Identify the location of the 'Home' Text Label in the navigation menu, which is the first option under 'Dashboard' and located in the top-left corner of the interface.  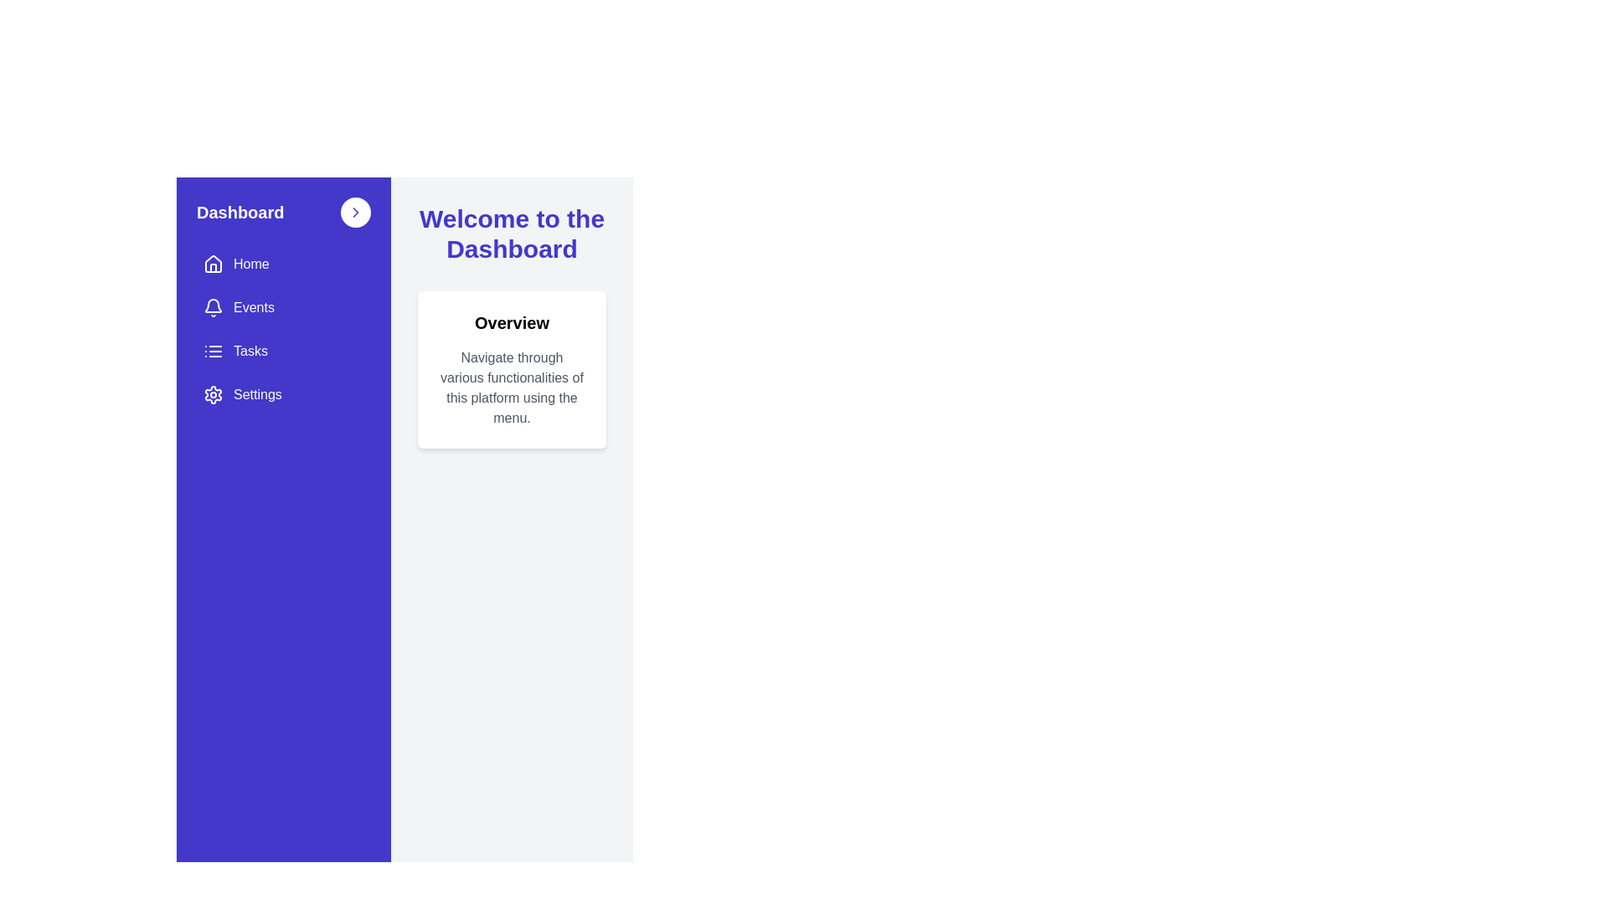
(250, 264).